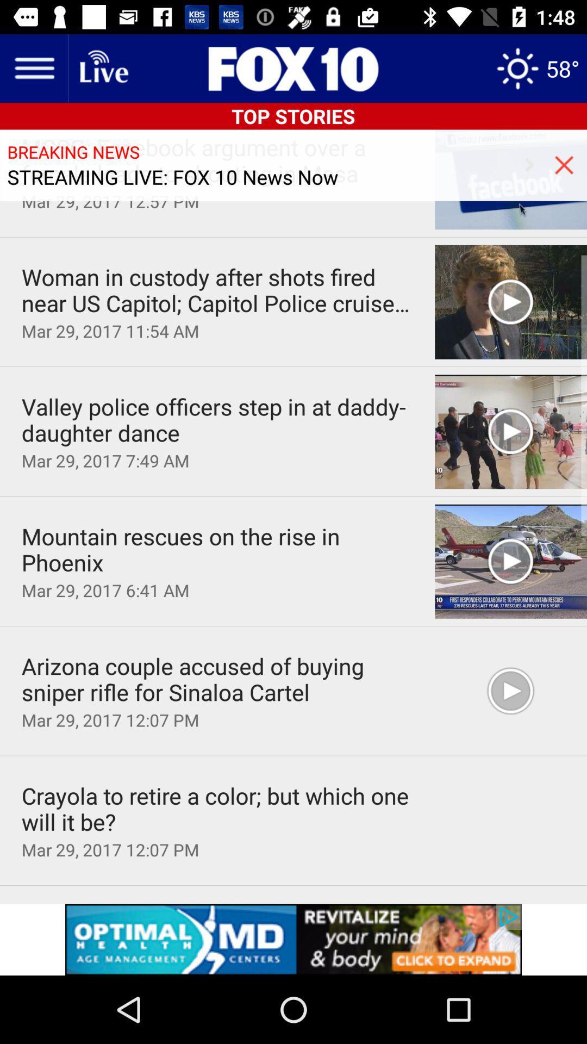 The width and height of the screenshot is (587, 1044). Describe the element at coordinates (537, 67) in the screenshot. I see `the star icon` at that location.